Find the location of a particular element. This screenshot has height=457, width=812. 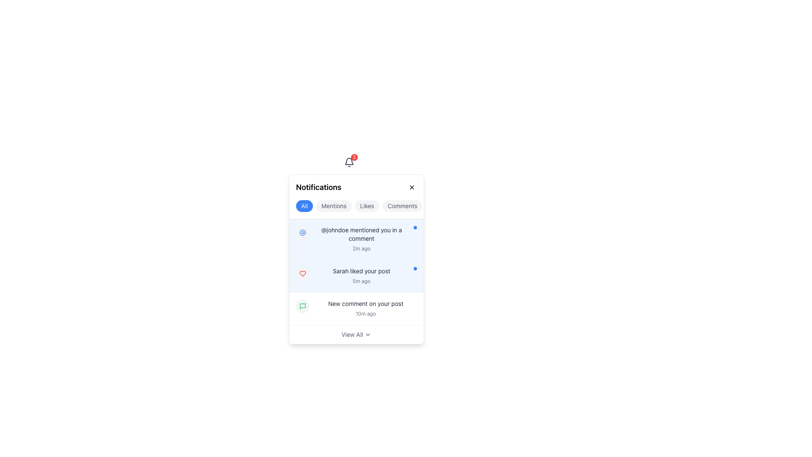

the second notification in the vertical notification list, which contains a red heart icon and the message 'Sarah liked your post' is located at coordinates (357, 276).